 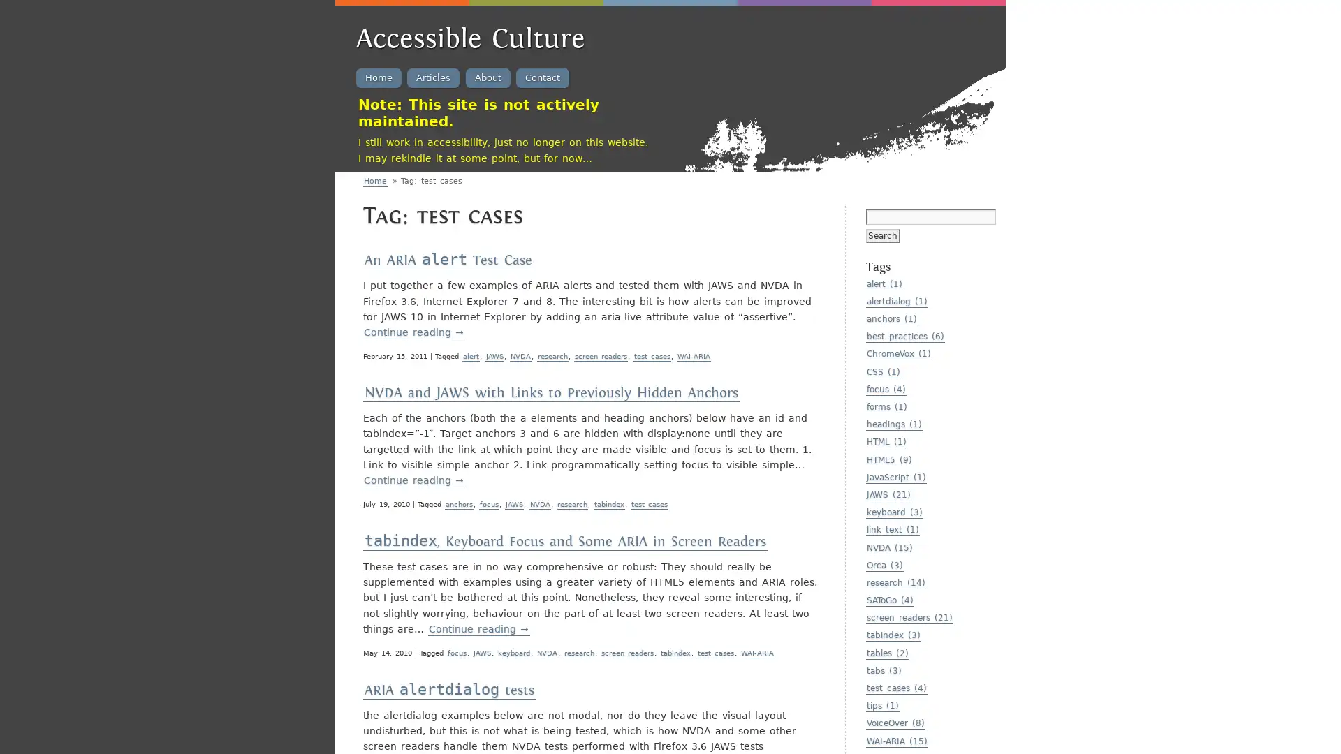 What do you see at coordinates (881, 235) in the screenshot?
I see `Search` at bounding box center [881, 235].